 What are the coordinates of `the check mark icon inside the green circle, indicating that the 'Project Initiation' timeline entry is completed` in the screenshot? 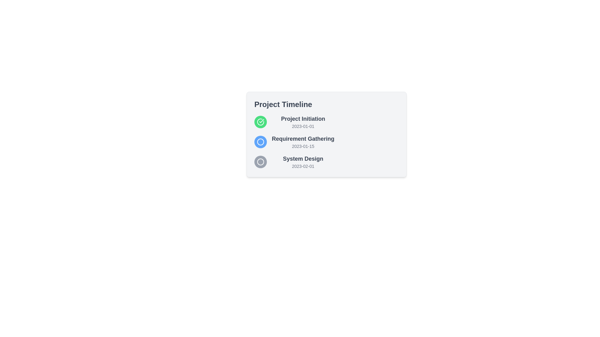 It's located at (261, 122).